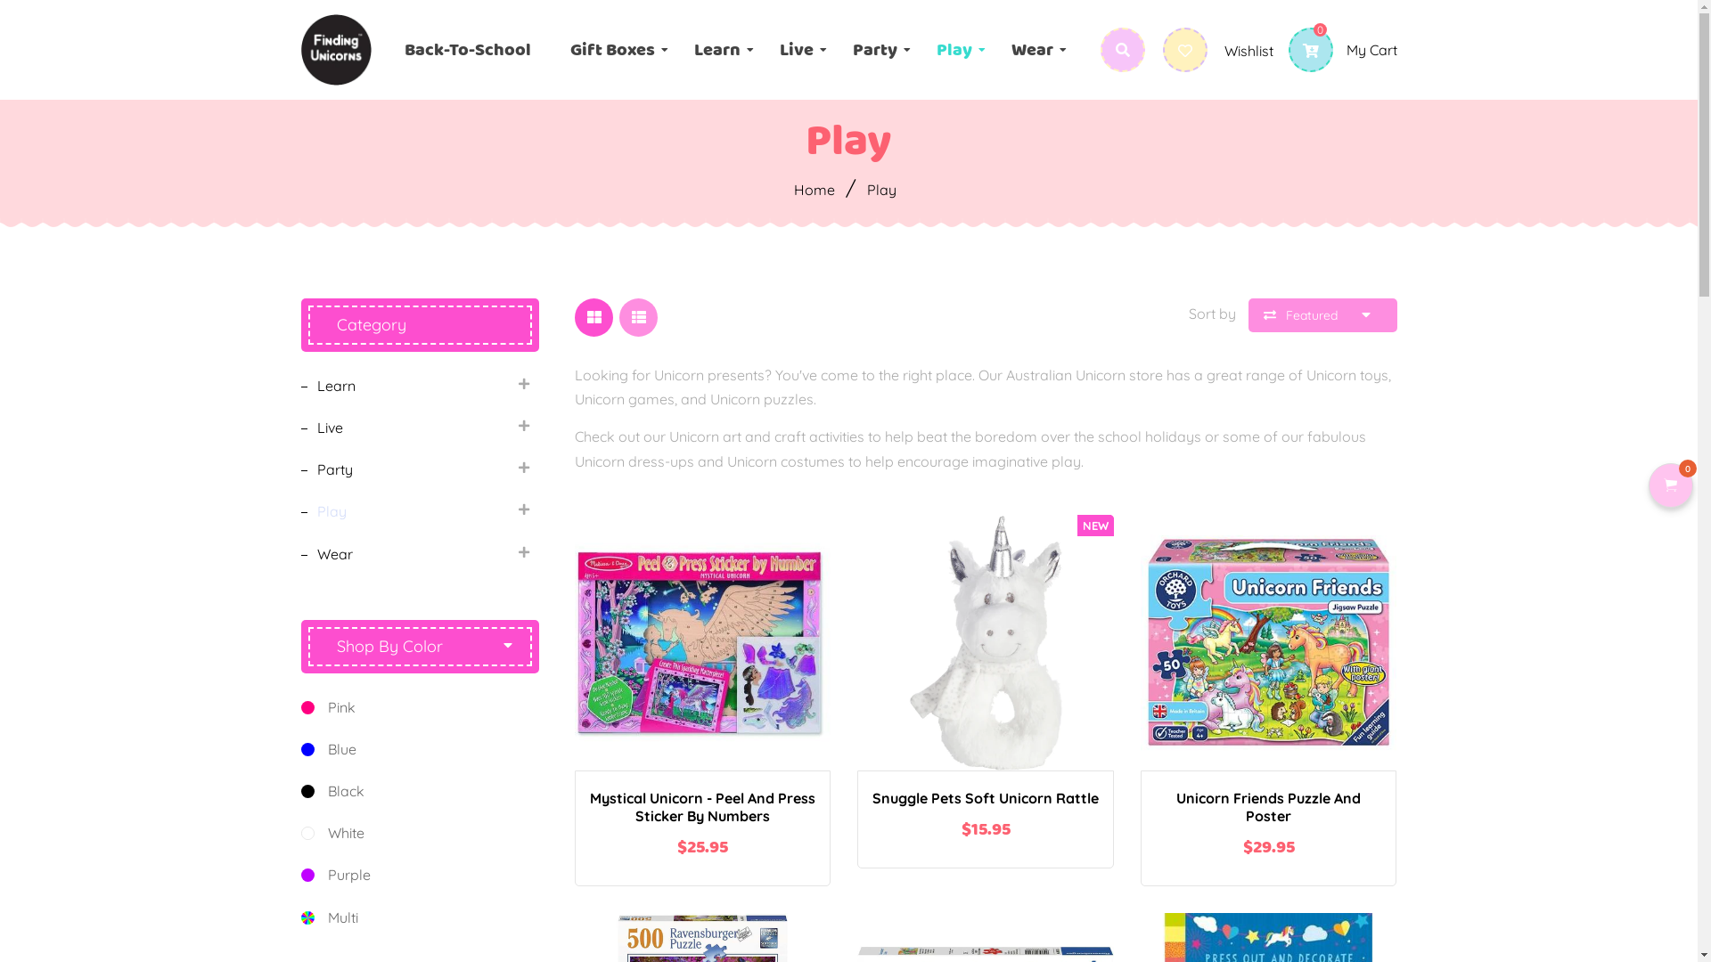 Image resolution: width=1711 pixels, height=962 pixels. What do you see at coordinates (574, 316) in the screenshot?
I see `'Grid view'` at bounding box center [574, 316].